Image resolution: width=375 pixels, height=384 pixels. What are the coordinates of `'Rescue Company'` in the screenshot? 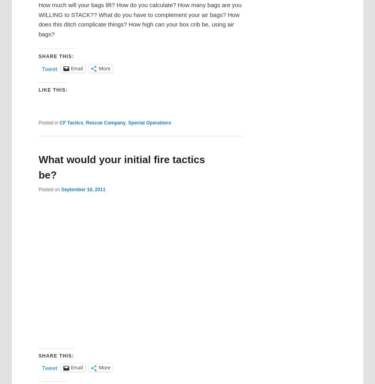 It's located at (85, 122).